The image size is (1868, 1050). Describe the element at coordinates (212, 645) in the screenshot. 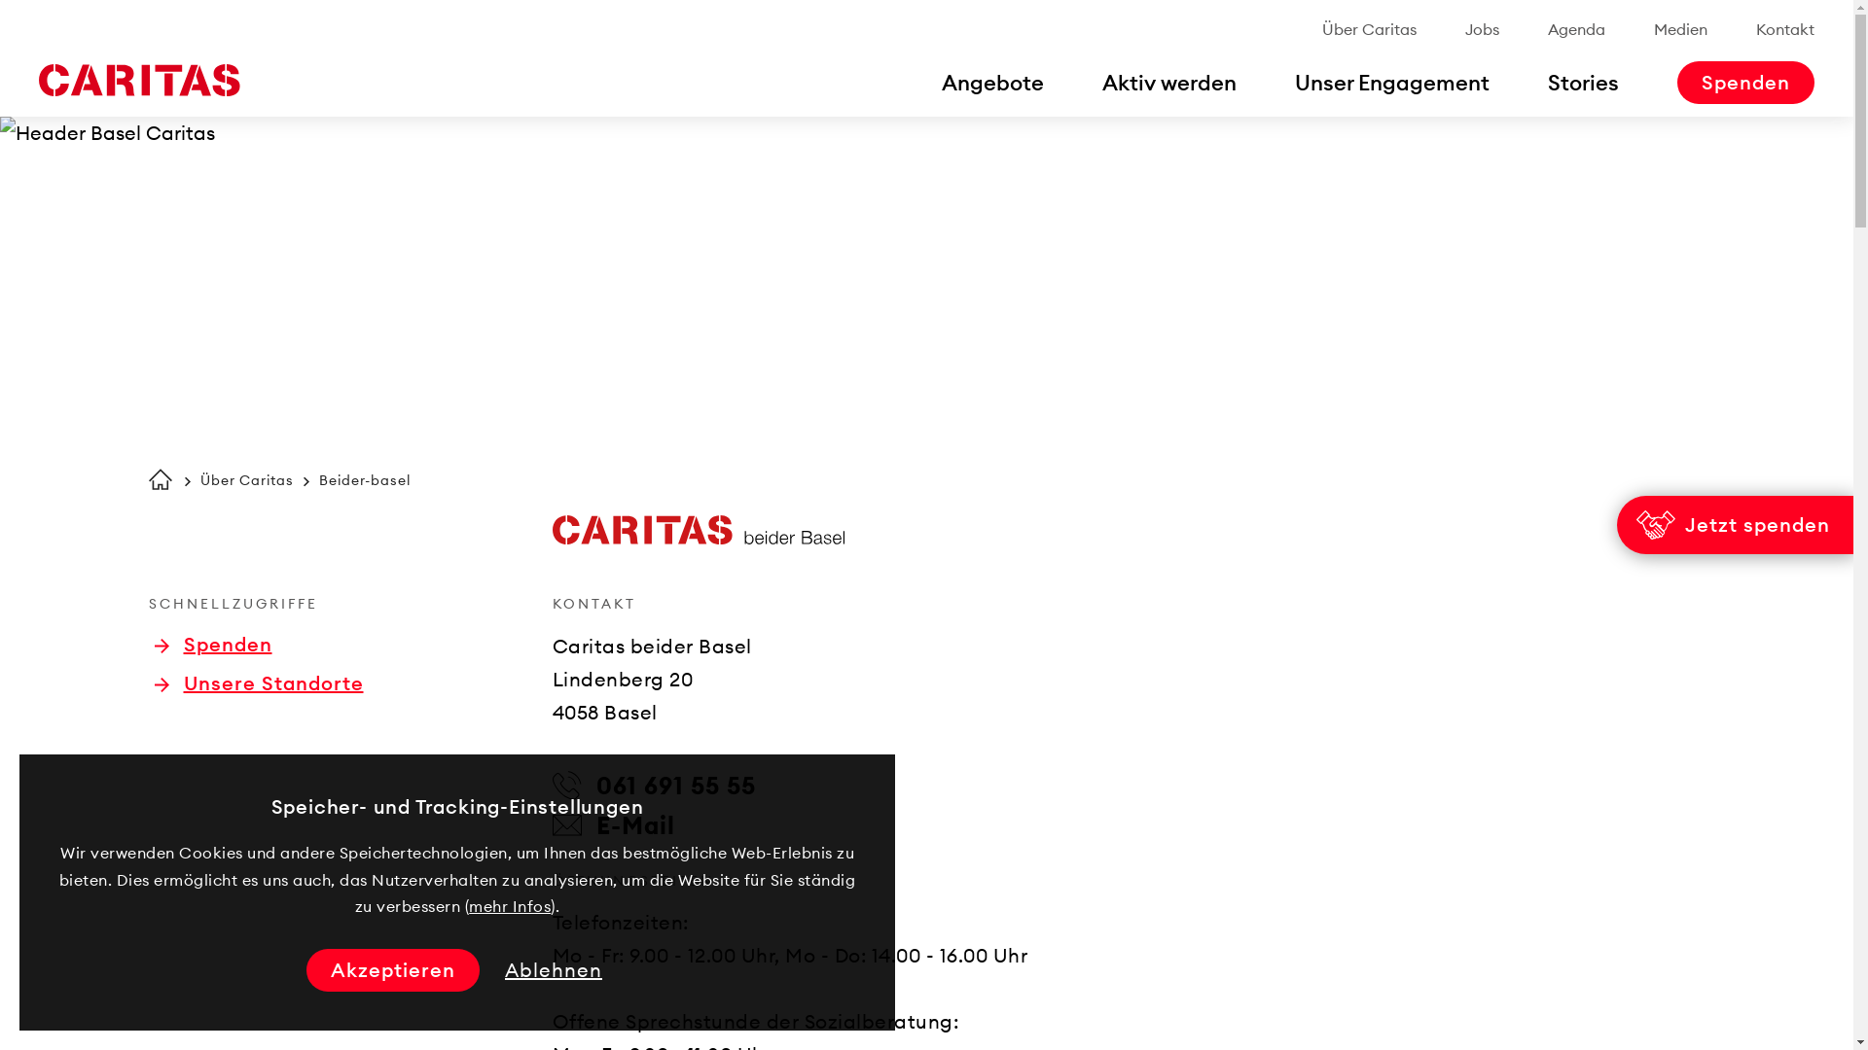

I see `'Spenden'` at that location.